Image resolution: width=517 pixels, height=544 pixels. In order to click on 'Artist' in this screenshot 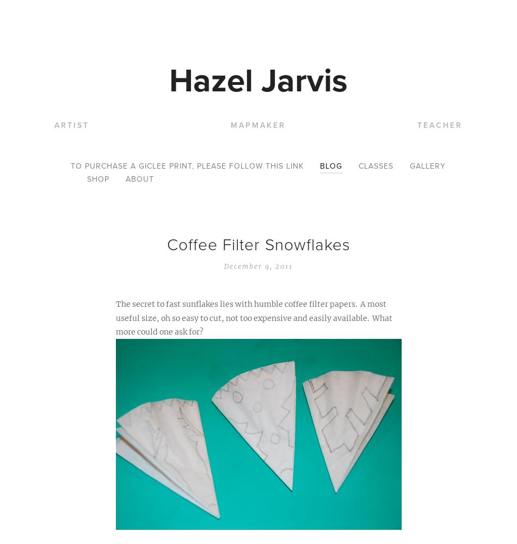, I will do `click(71, 125)`.